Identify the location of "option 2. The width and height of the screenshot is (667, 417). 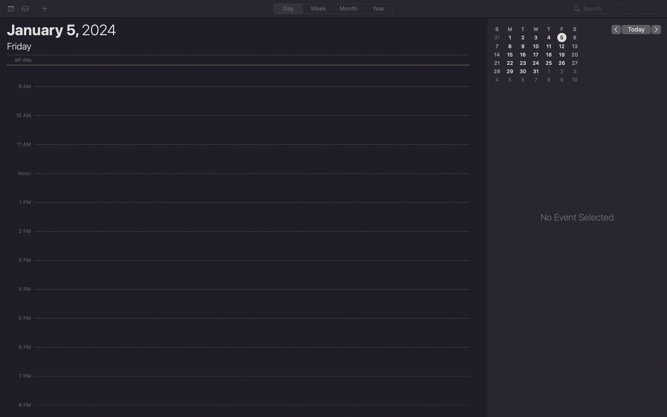
(25, 9).